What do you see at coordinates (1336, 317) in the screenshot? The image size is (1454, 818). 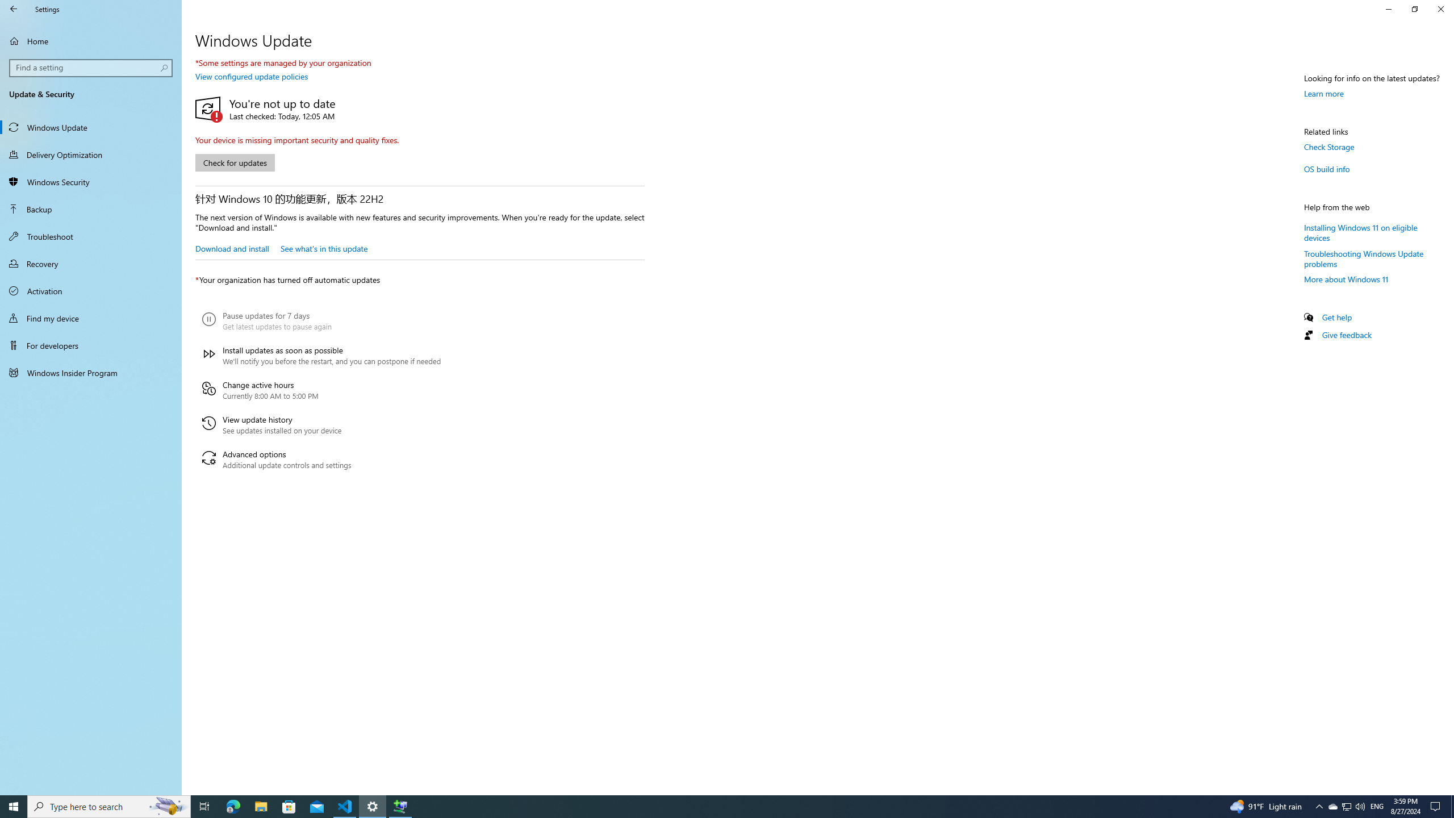 I see `'Get help'` at bounding box center [1336, 317].